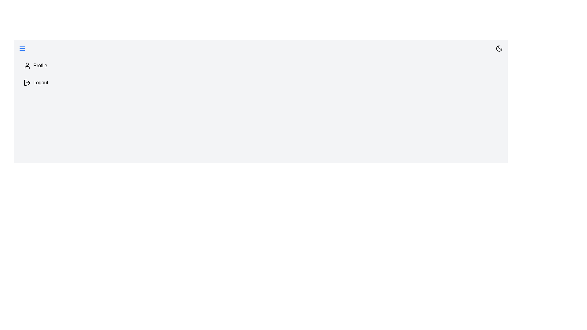 The height and width of the screenshot is (330, 587). Describe the element at coordinates (40, 82) in the screenshot. I see `the 'Logout' text label` at that location.